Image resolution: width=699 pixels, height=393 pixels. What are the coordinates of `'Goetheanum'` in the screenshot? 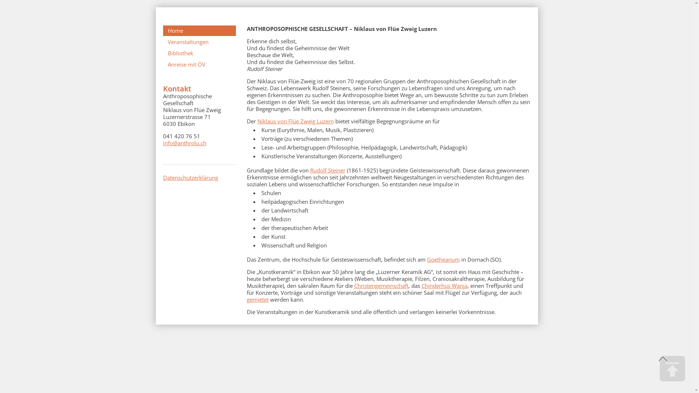 It's located at (426, 259).